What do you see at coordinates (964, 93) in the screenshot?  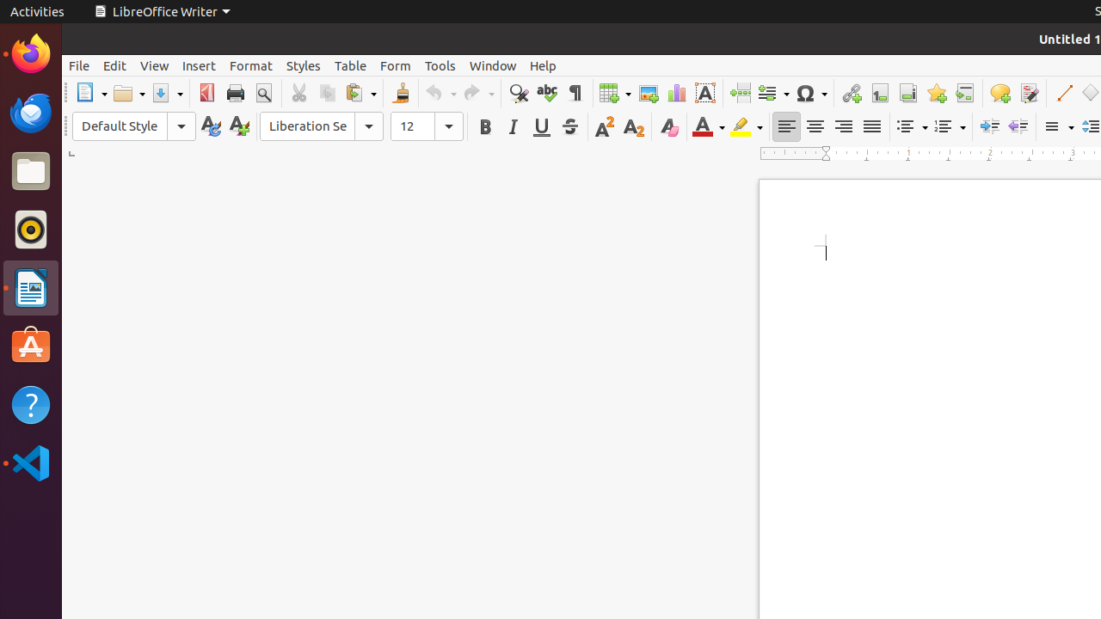 I see `'Cross-reference'` at bounding box center [964, 93].